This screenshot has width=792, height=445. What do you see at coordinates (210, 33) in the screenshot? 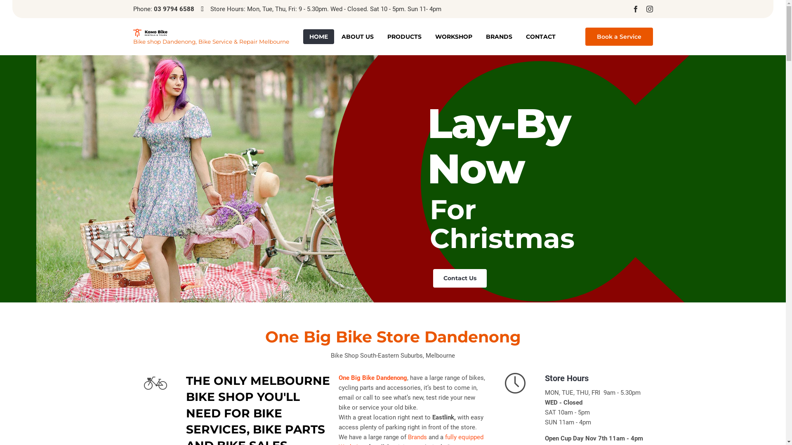
I see `'One Big Bike Store'` at bounding box center [210, 33].